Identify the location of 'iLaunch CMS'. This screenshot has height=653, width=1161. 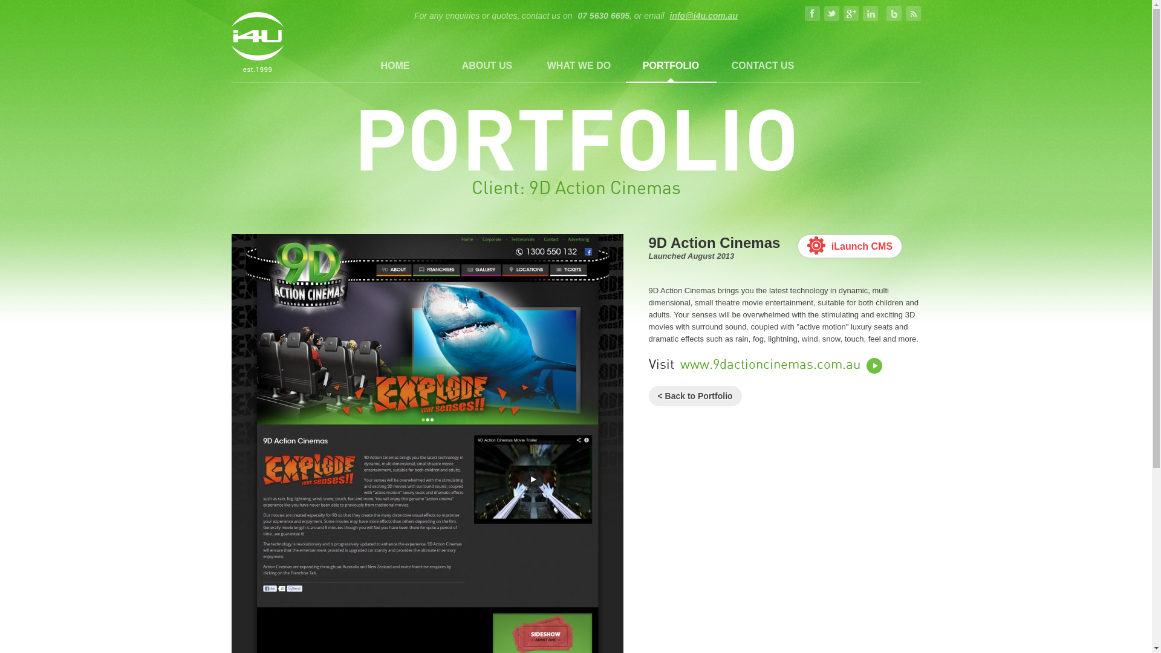
(798, 245).